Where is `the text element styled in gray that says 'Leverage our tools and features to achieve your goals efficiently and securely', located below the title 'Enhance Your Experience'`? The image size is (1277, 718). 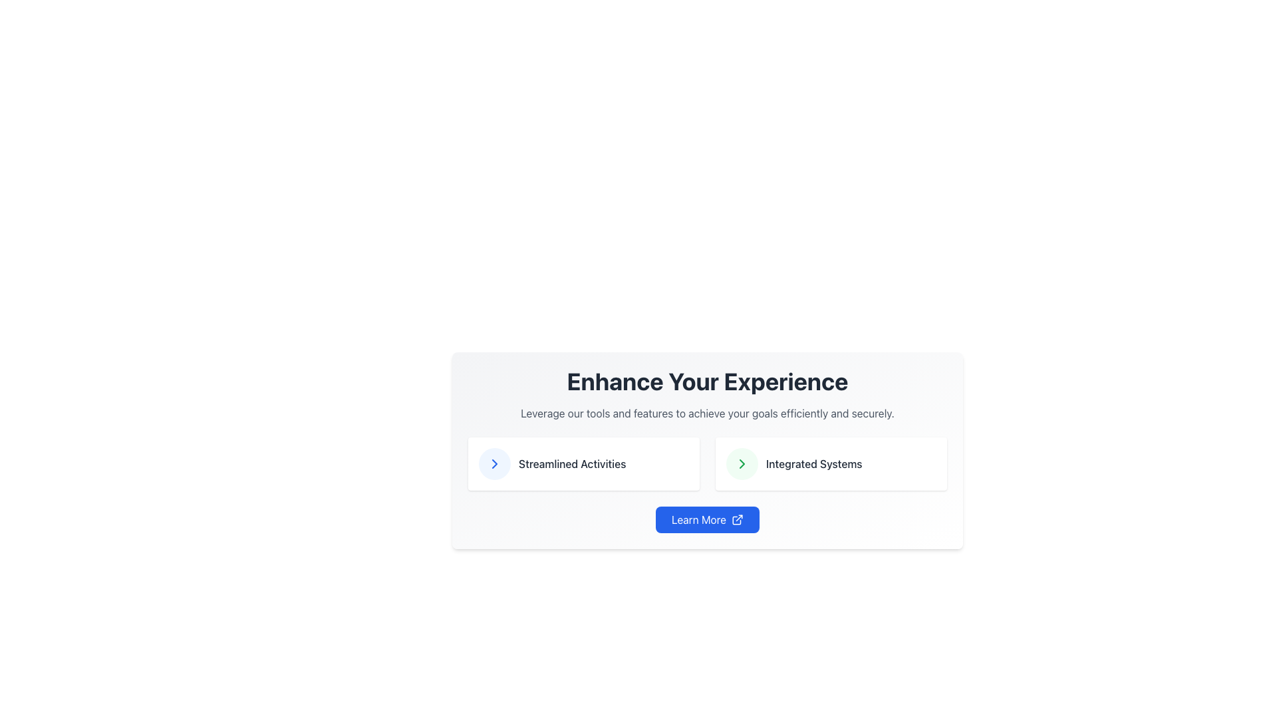 the text element styled in gray that says 'Leverage our tools and features to achieve your goals efficiently and securely', located below the title 'Enhance Your Experience' is located at coordinates (707, 412).